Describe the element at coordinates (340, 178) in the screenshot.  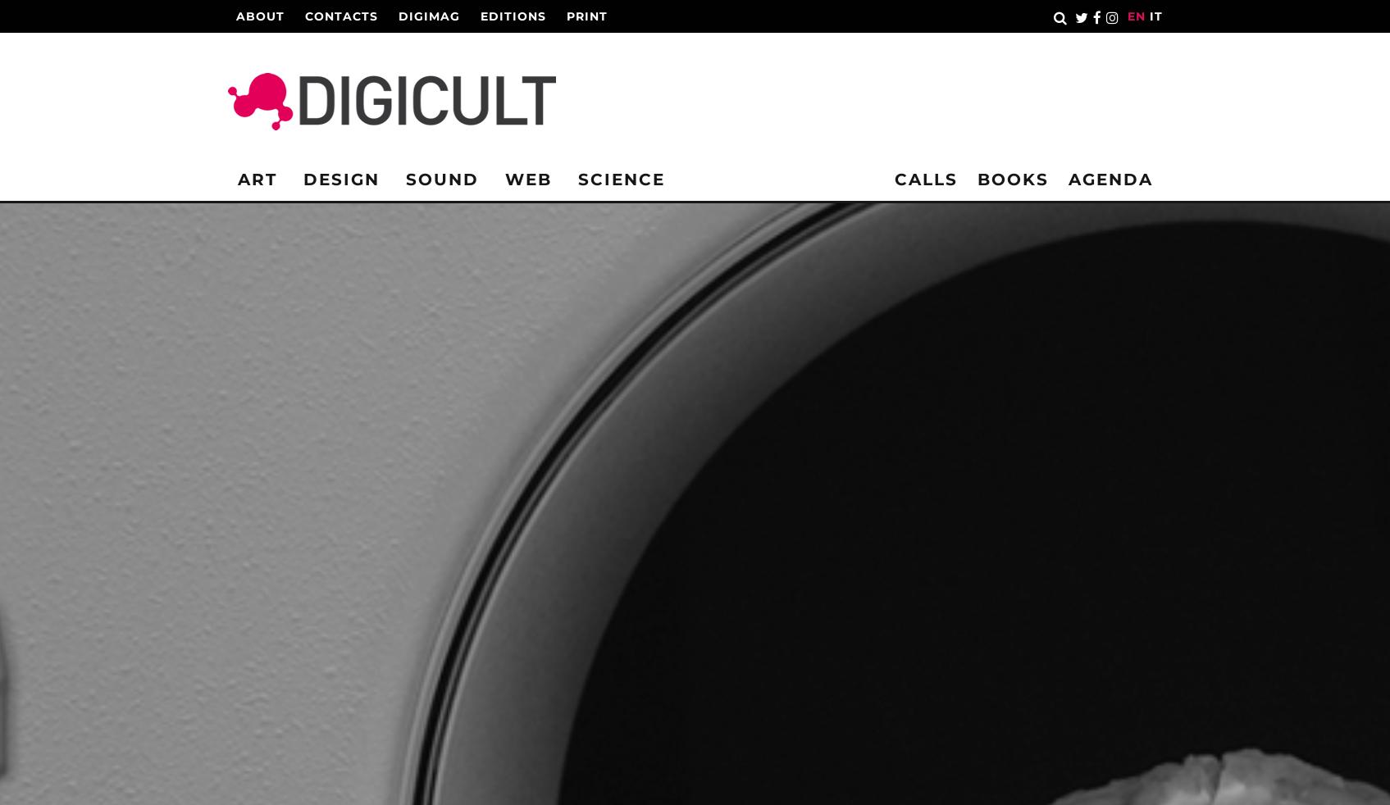
I see `'Design'` at that location.